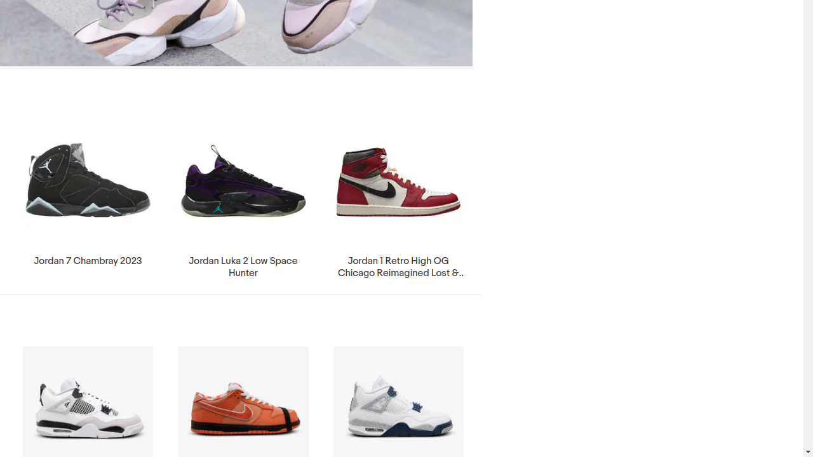 The image size is (813, 457). Describe the element at coordinates (243, 199) in the screenshot. I see `'Jordan Luka 2 Low Space Hunter'` at that location.